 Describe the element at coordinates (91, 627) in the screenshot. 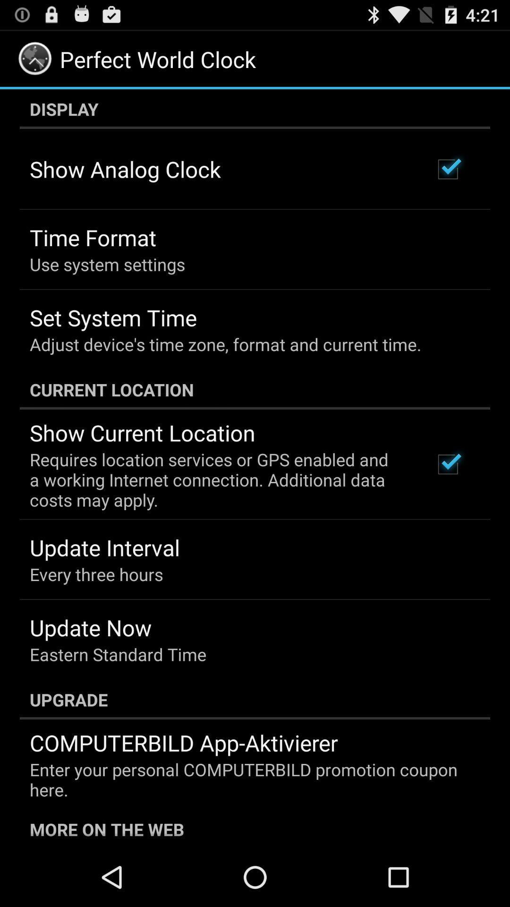

I see `the icon above eastern standard time item` at that location.